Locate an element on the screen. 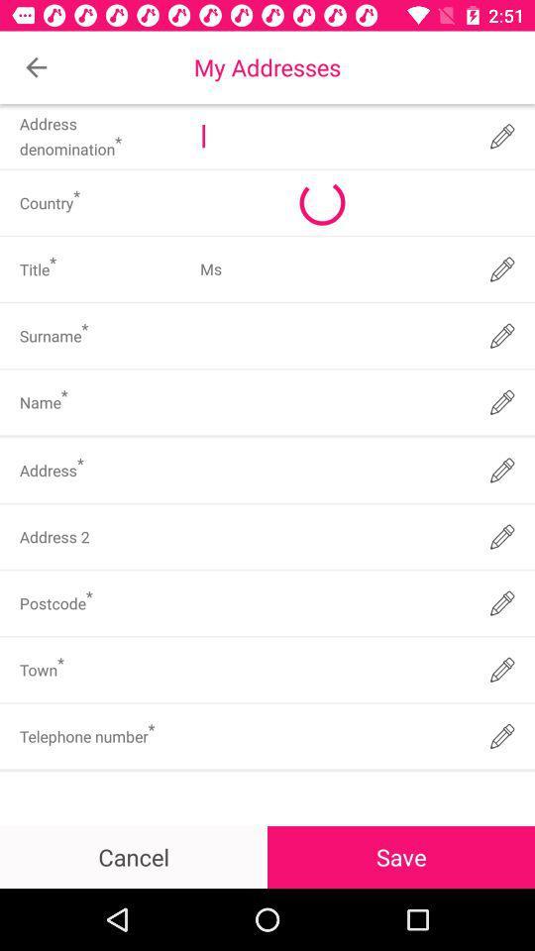 This screenshot has height=951, width=535. town text entry field is located at coordinates (332, 670).